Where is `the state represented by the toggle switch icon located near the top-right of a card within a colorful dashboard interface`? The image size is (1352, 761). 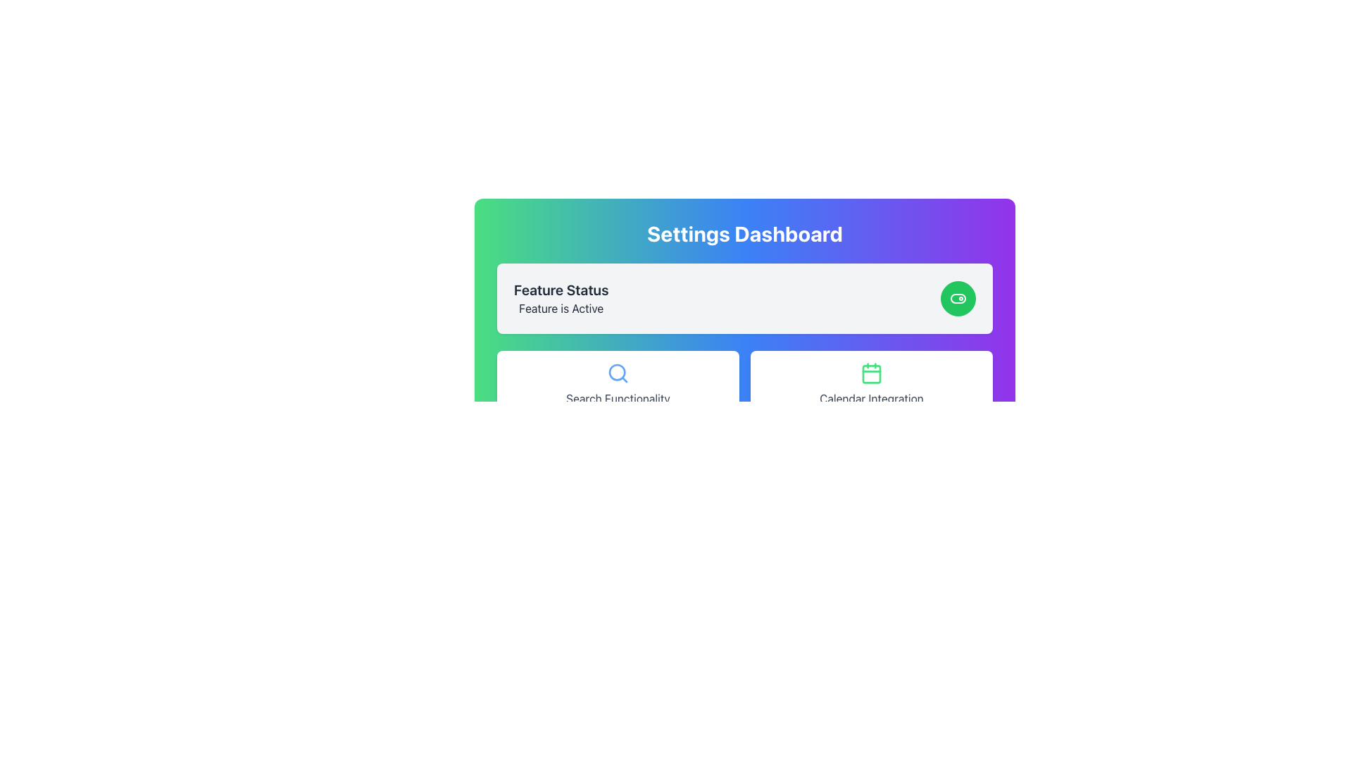
the state represented by the toggle switch icon located near the top-right of a card within a colorful dashboard interface is located at coordinates (958, 298).